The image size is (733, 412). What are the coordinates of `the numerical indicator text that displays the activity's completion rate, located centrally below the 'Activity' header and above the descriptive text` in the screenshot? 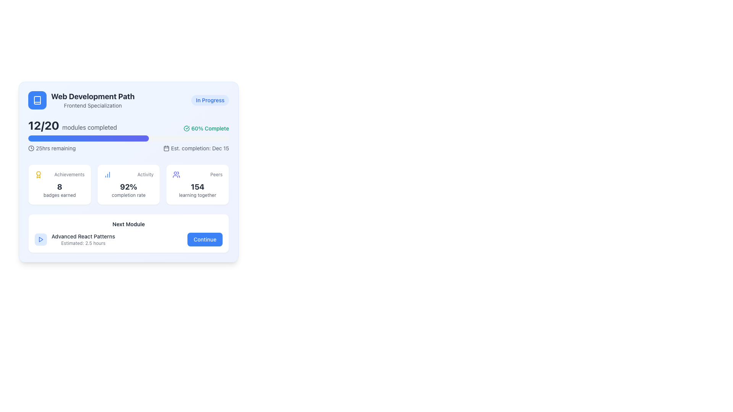 It's located at (128, 187).